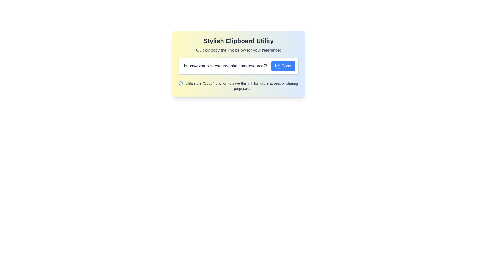 This screenshot has width=497, height=279. I want to click on text header titled 'Stylish Clipboard Utility', which is a large, bold, dark gray text positioned at the top of the content card, so click(238, 41).